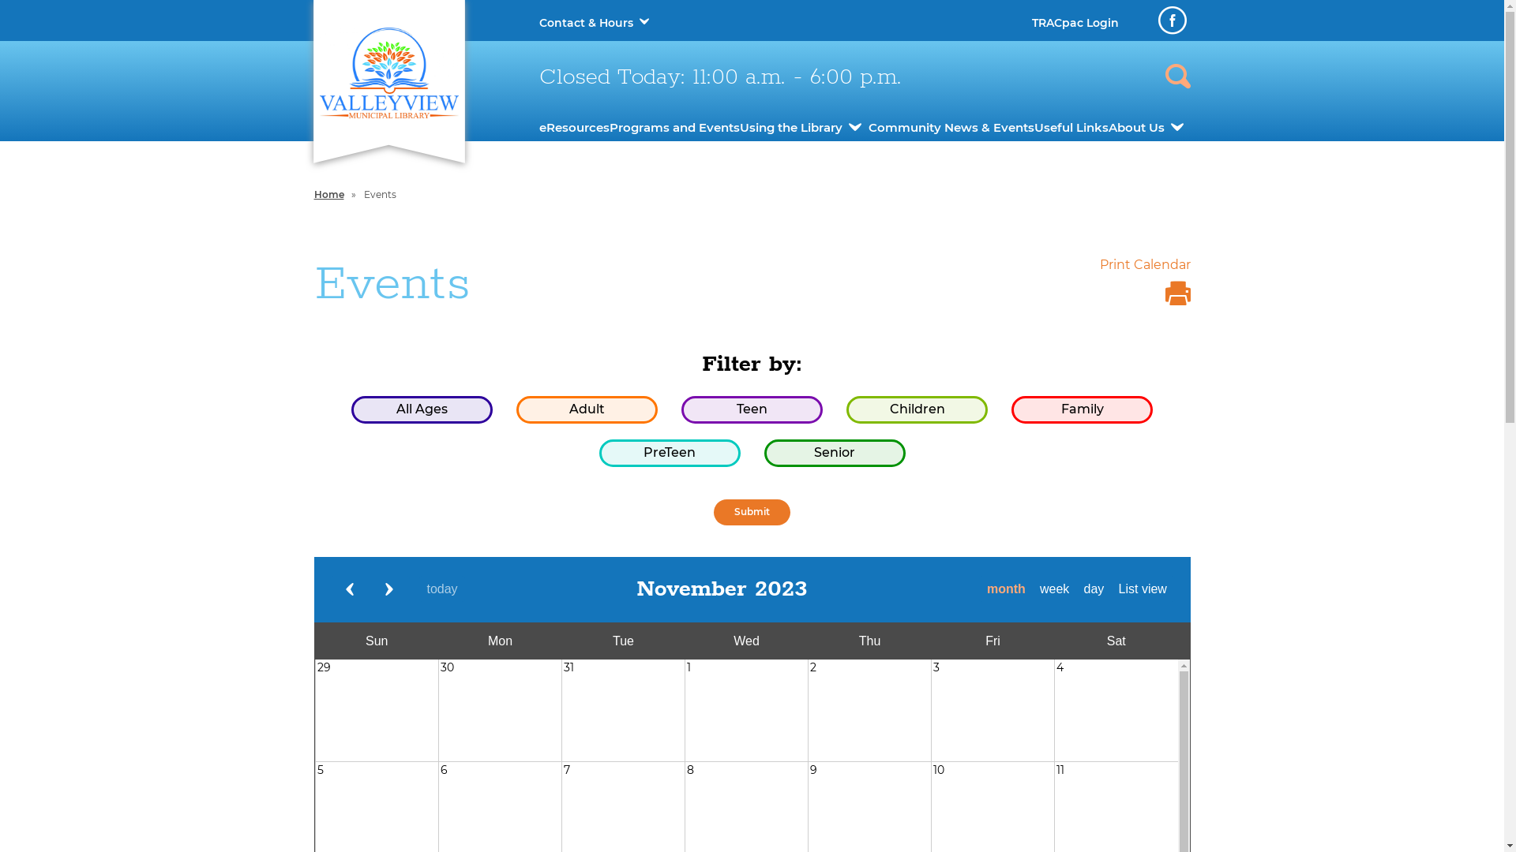 This screenshot has height=852, width=1516. Describe the element at coordinates (422, 409) in the screenshot. I see `'All Ages'` at that location.